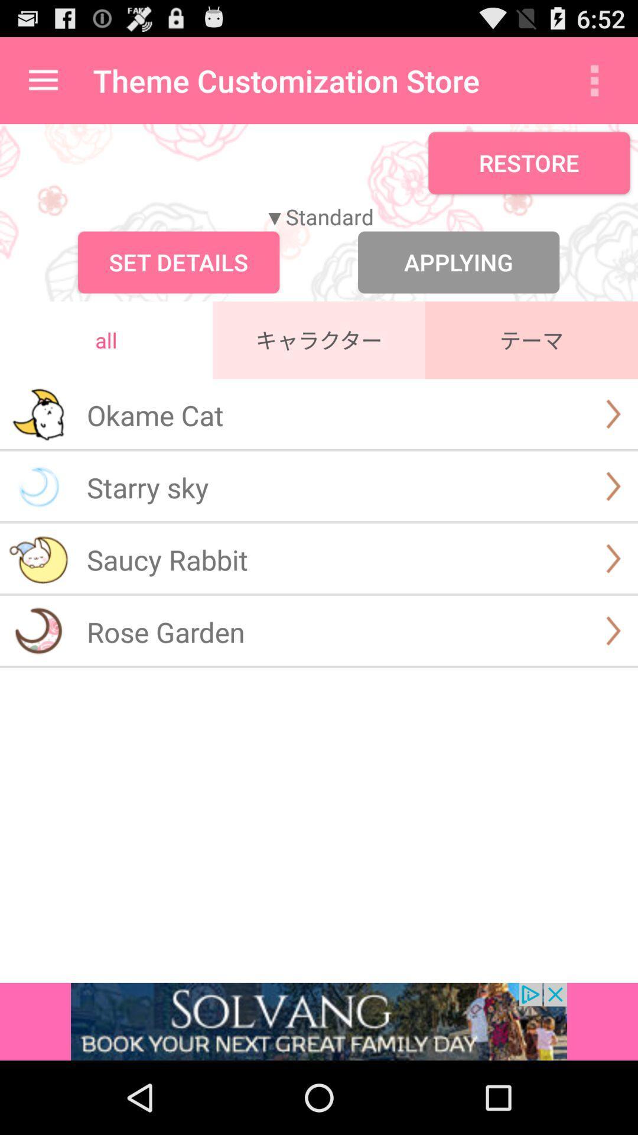 The image size is (638, 1135). What do you see at coordinates (319, 1021) in the screenshot?
I see `advertisement` at bounding box center [319, 1021].